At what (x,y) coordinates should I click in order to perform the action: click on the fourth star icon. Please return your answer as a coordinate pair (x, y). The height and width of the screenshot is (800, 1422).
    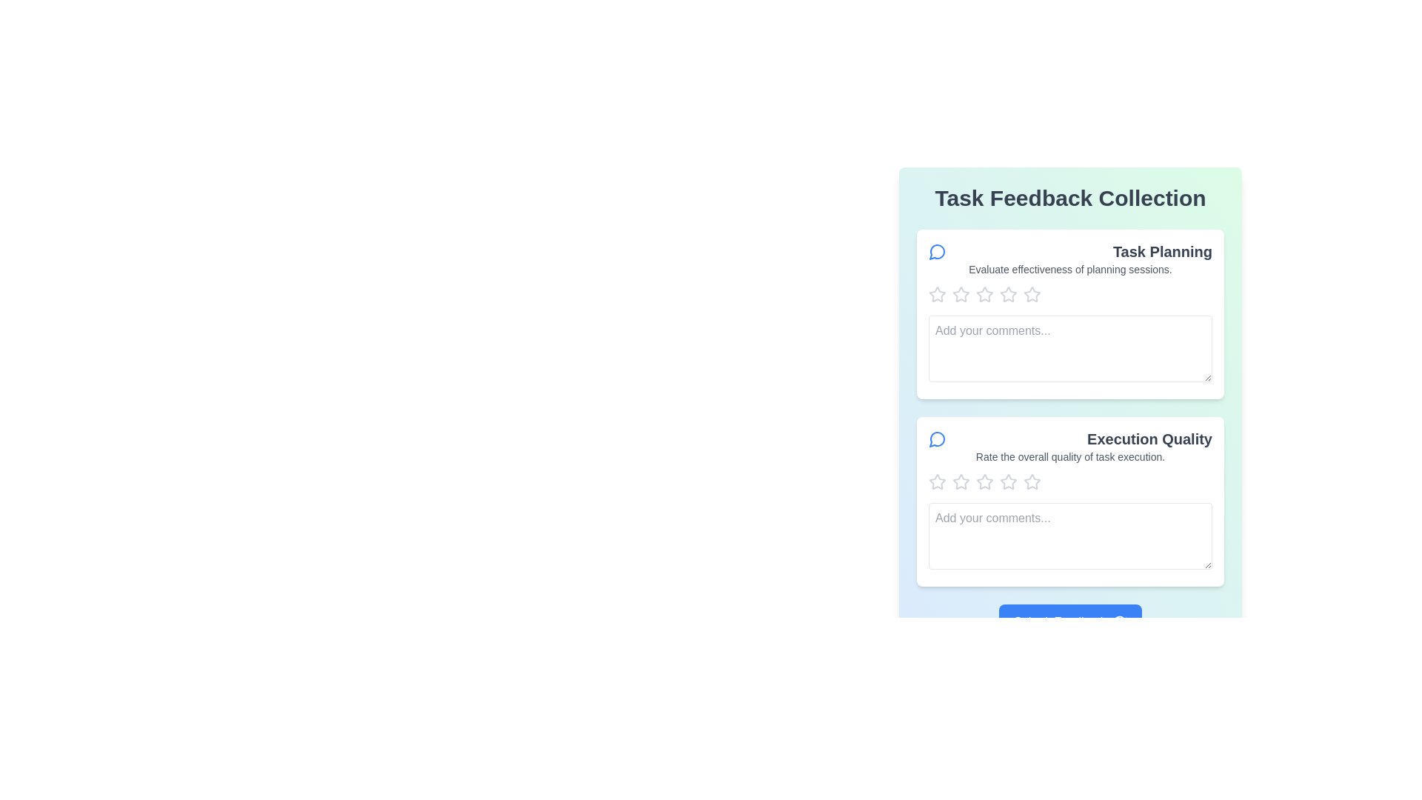
    Looking at the image, I should click on (984, 294).